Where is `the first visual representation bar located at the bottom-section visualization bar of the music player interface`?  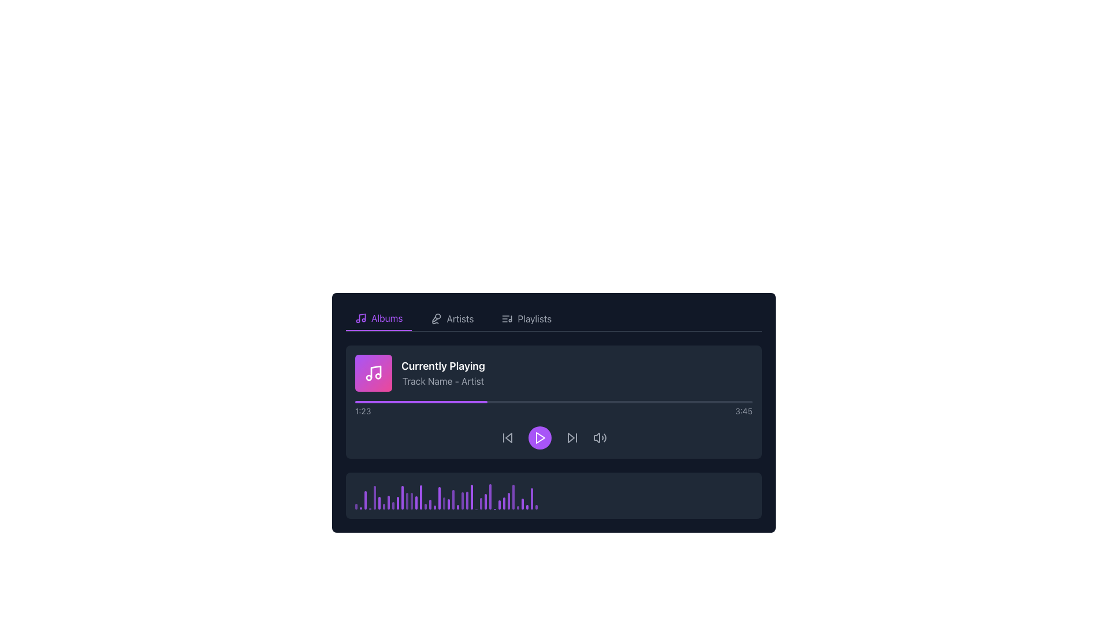 the first visual representation bar located at the bottom-section visualization bar of the music player interface is located at coordinates (356, 505).